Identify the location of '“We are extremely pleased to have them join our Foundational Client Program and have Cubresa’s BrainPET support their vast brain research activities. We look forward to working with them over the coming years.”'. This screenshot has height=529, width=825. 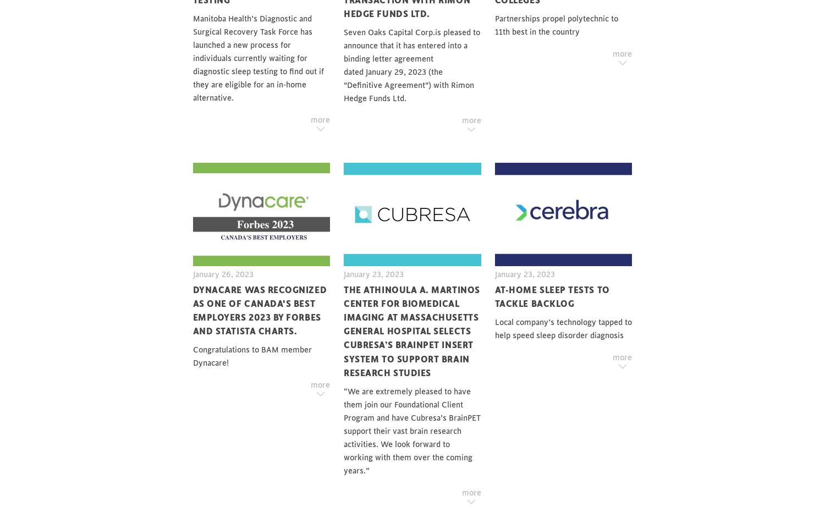
(411, 431).